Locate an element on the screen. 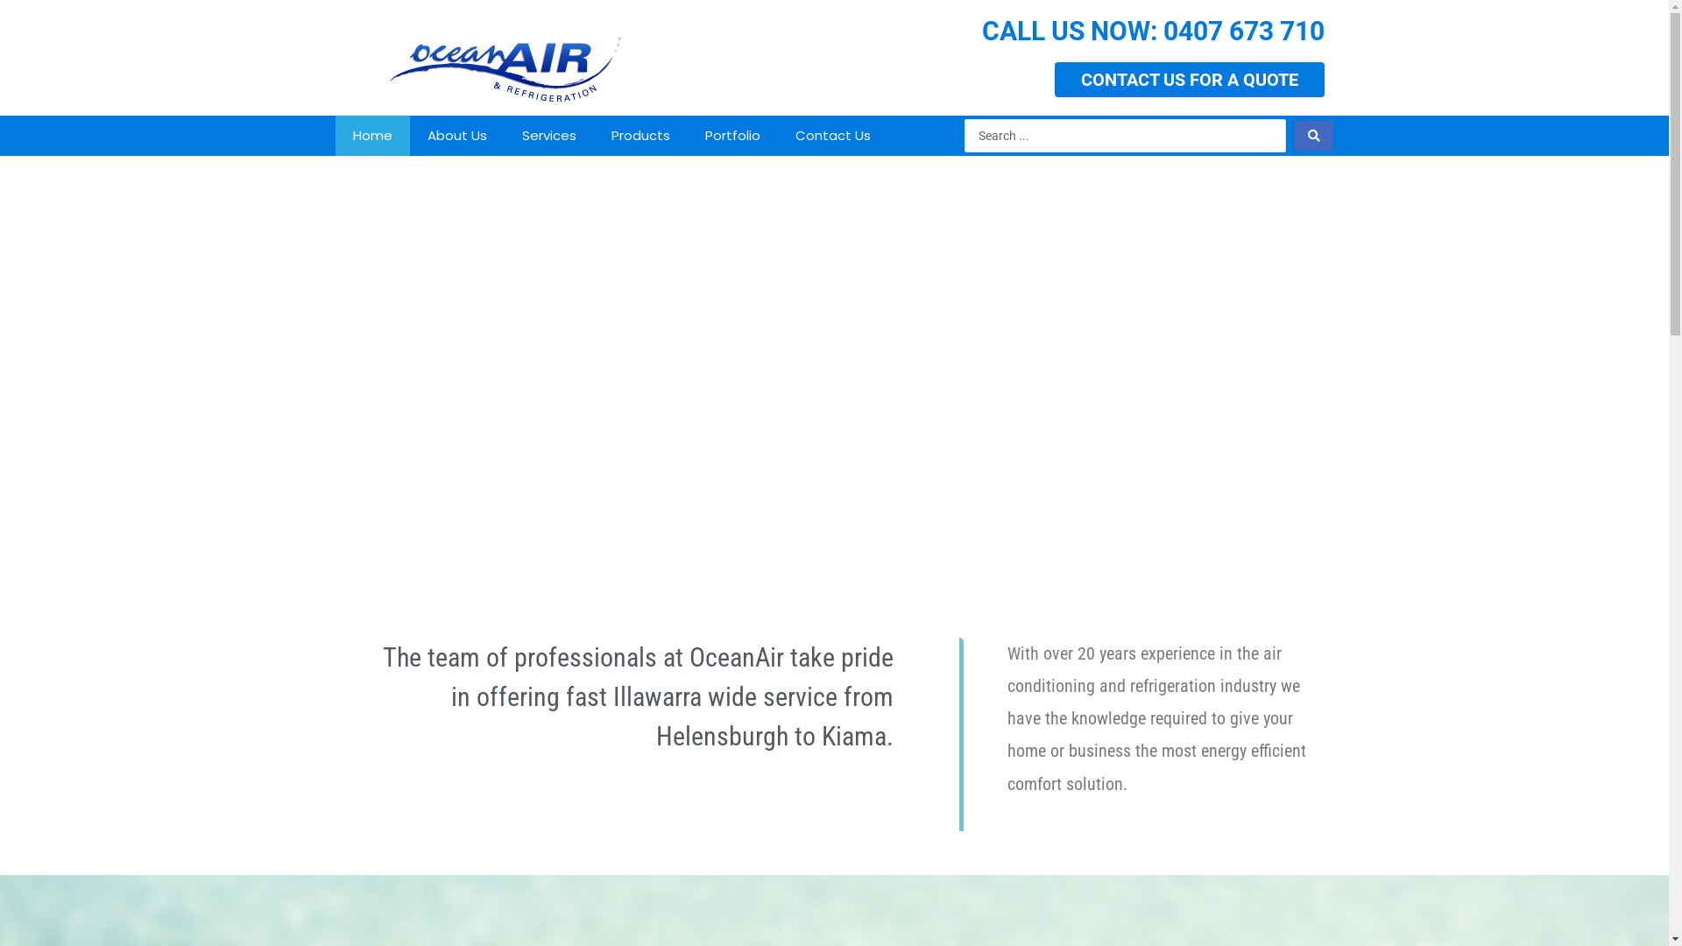  'About Us' is located at coordinates (408, 134).